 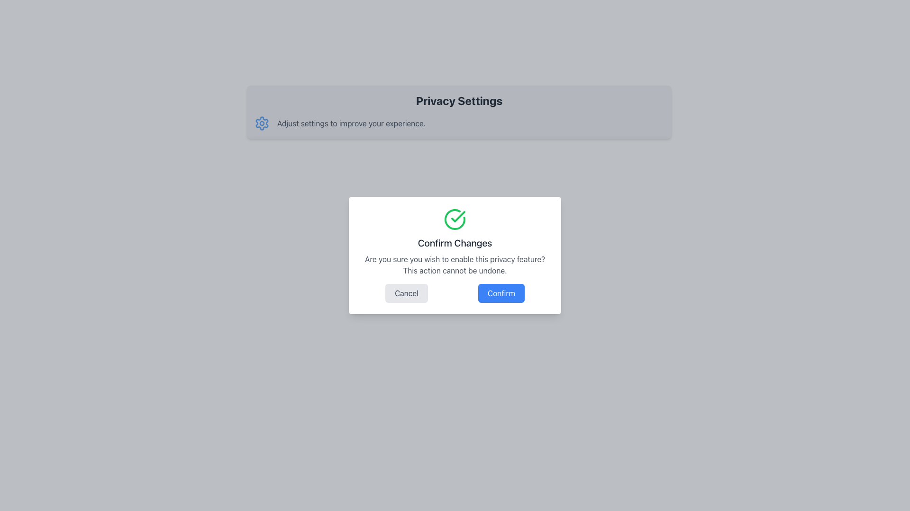 I want to click on the static label reading 'Confirm Changes' located at the center of the modal dialog, positioned between a green circular checkmark icon and a descriptive sentence, so click(x=455, y=242).